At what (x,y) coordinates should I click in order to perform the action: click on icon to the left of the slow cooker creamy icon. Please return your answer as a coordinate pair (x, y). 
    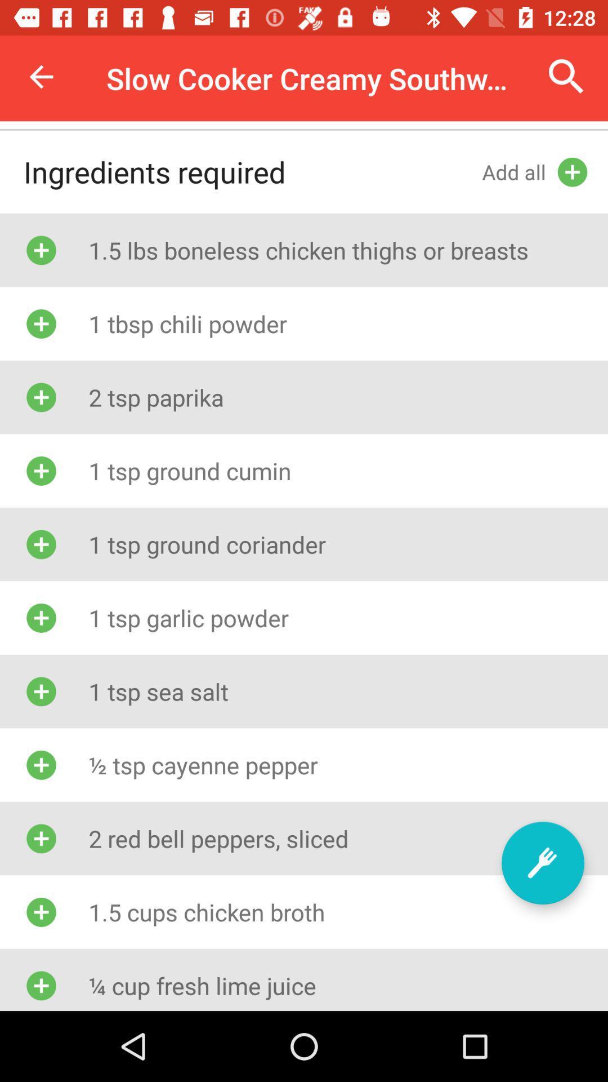
    Looking at the image, I should click on (41, 76).